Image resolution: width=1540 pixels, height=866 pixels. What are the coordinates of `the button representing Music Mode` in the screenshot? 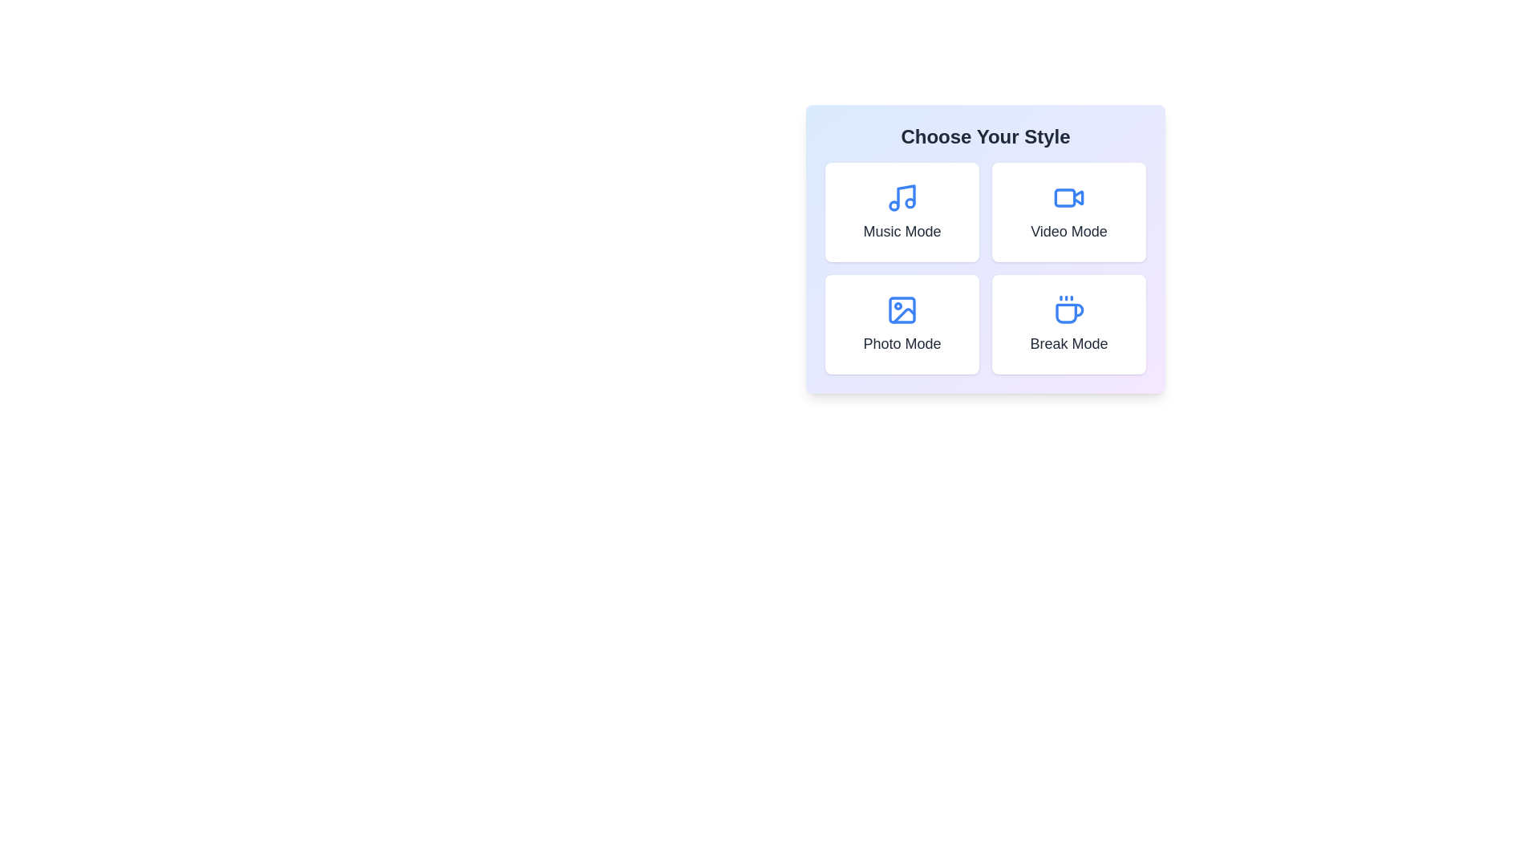 It's located at (902, 212).